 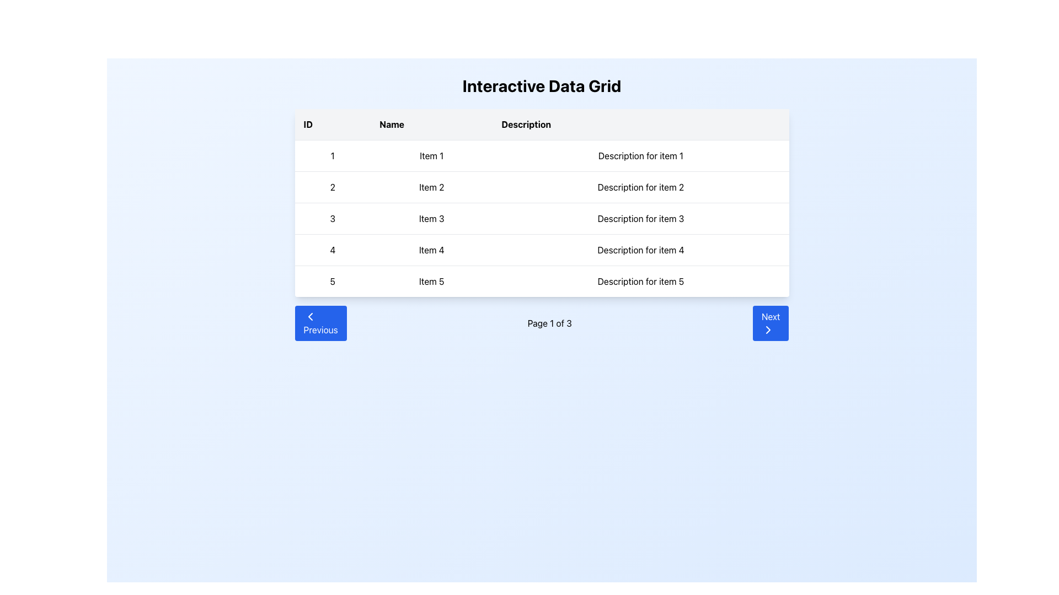 What do you see at coordinates (542, 280) in the screenshot?
I see `the fifth row of the data grid, which displays ID '5', Name 'Item 5', and Description 'Description for item 5'` at bounding box center [542, 280].